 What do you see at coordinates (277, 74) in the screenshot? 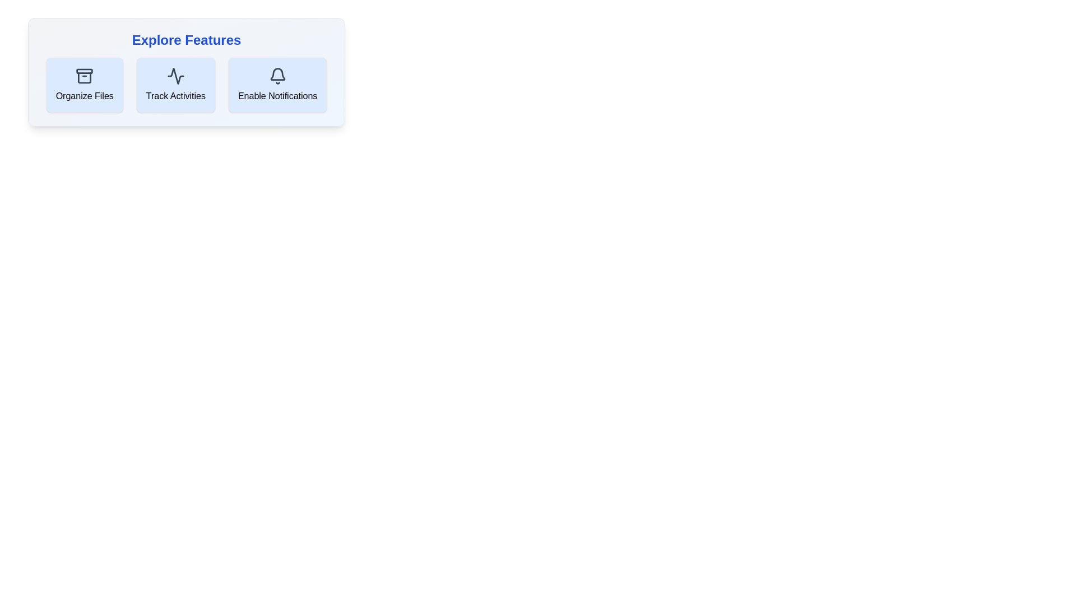
I see `the bell-shaped notification icon located within the 'Enable Notifications' button card in the 'Explore Features' section` at bounding box center [277, 74].